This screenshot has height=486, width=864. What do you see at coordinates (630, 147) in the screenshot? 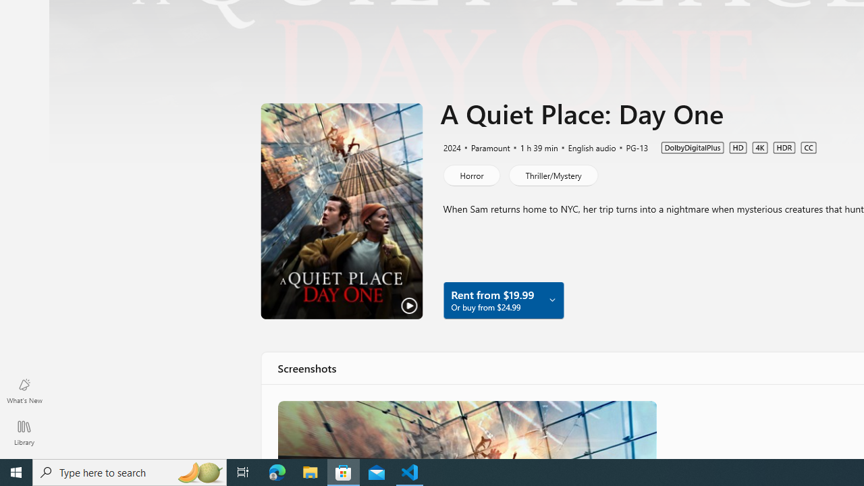
I see `'PG-13'` at bounding box center [630, 147].